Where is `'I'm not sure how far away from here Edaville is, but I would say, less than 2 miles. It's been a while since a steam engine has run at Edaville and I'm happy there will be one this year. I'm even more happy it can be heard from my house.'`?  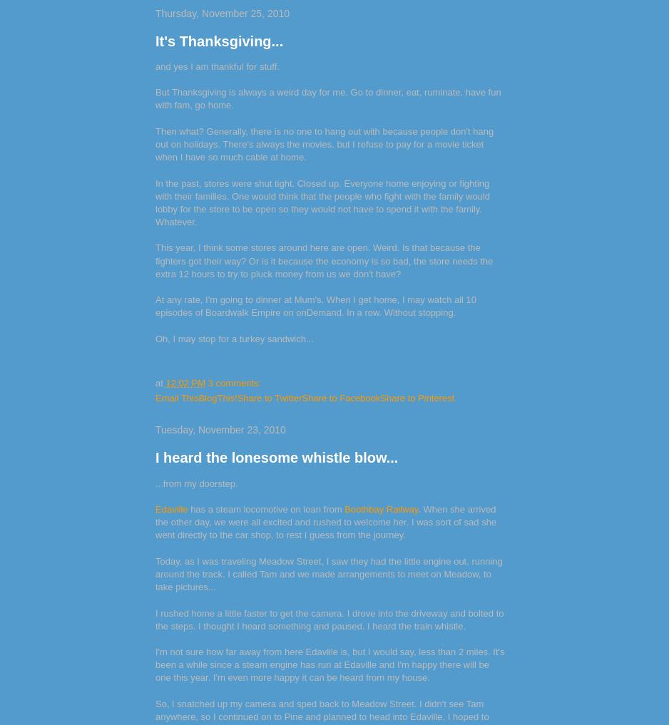 'I'm not sure how far away from here Edaville is, but I would say, less than 2 miles. It's been a while since a steam engine has run at Edaville and I'm happy there will be one this year. I'm even more happy it can be heard from my house.' is located at coordinates (329, 664).